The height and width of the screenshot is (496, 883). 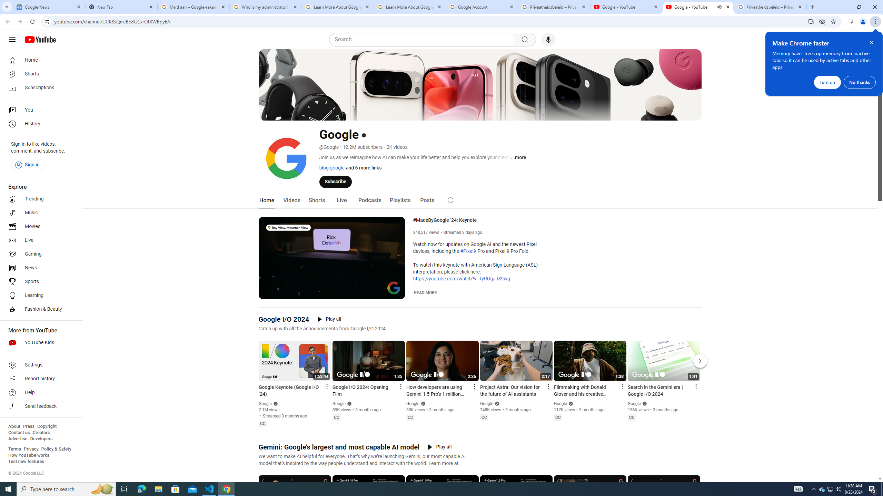 I want to click on 'Developers', so click(x=41, y=438).